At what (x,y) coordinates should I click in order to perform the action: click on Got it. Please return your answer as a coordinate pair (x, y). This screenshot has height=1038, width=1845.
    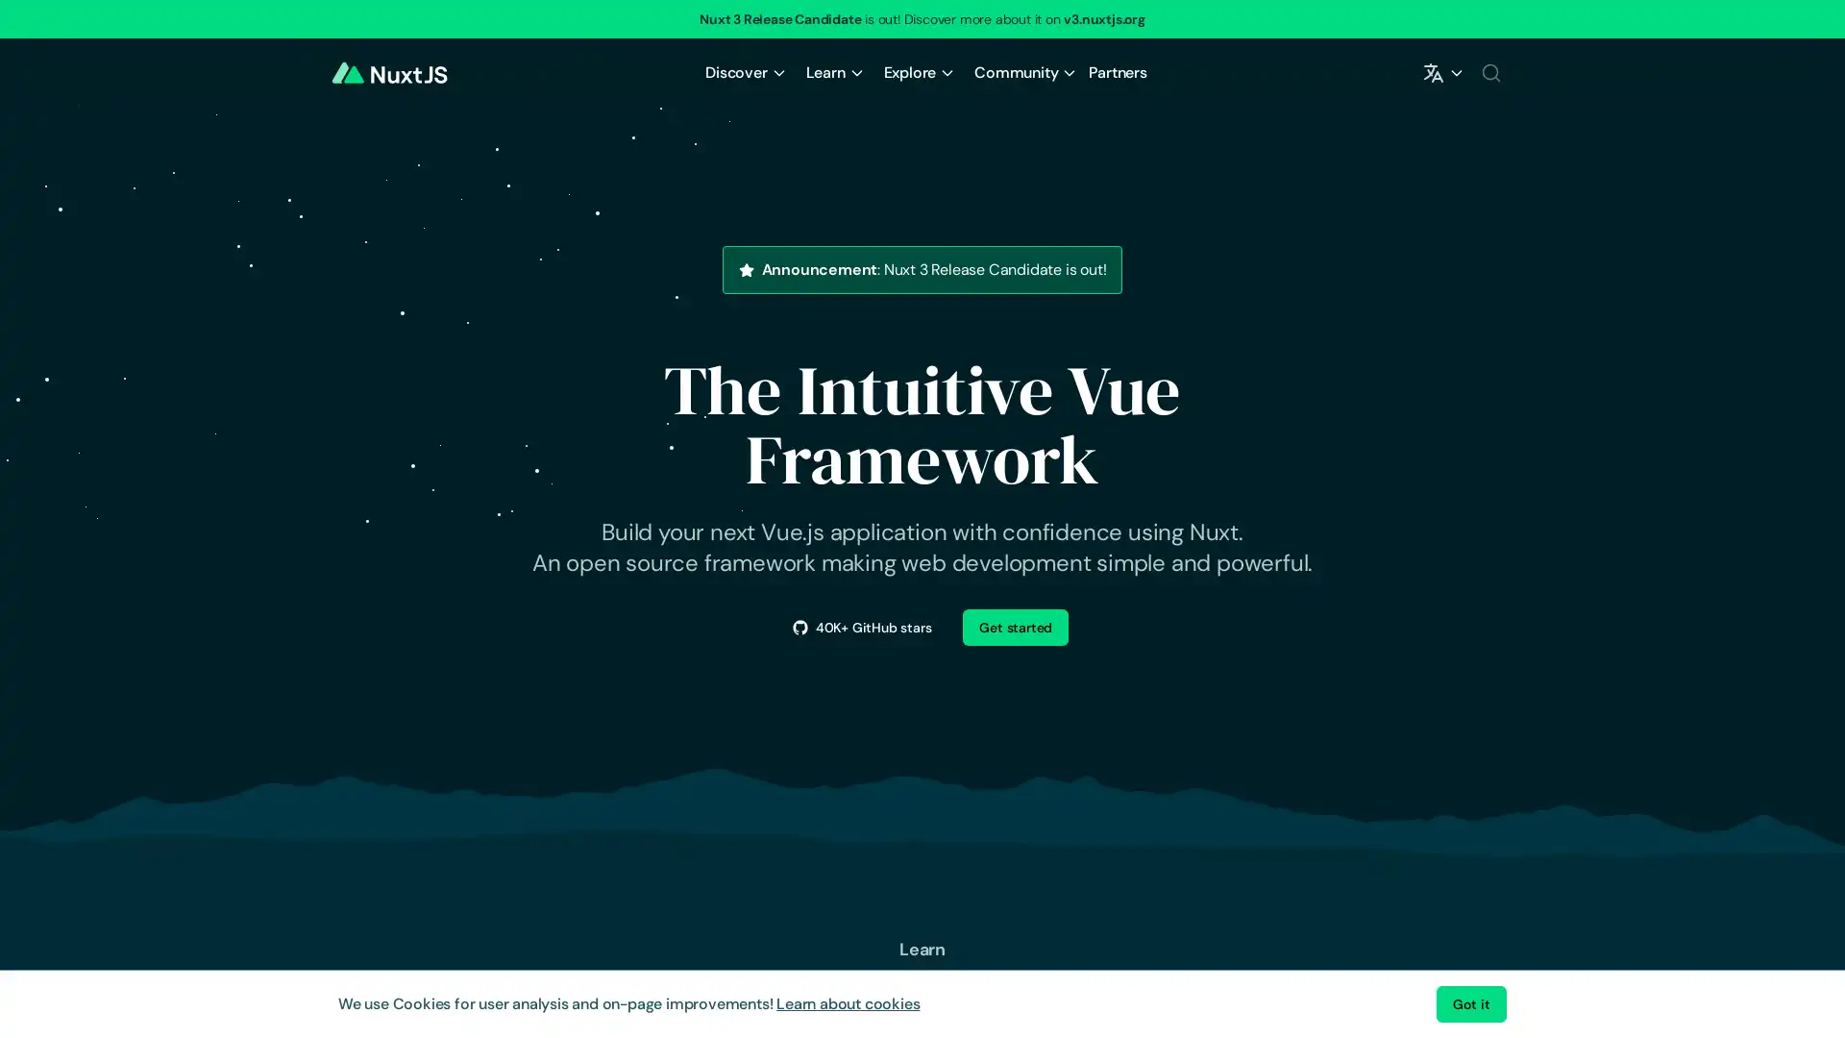
    Looking at the image, I should click on (1470, 1003).